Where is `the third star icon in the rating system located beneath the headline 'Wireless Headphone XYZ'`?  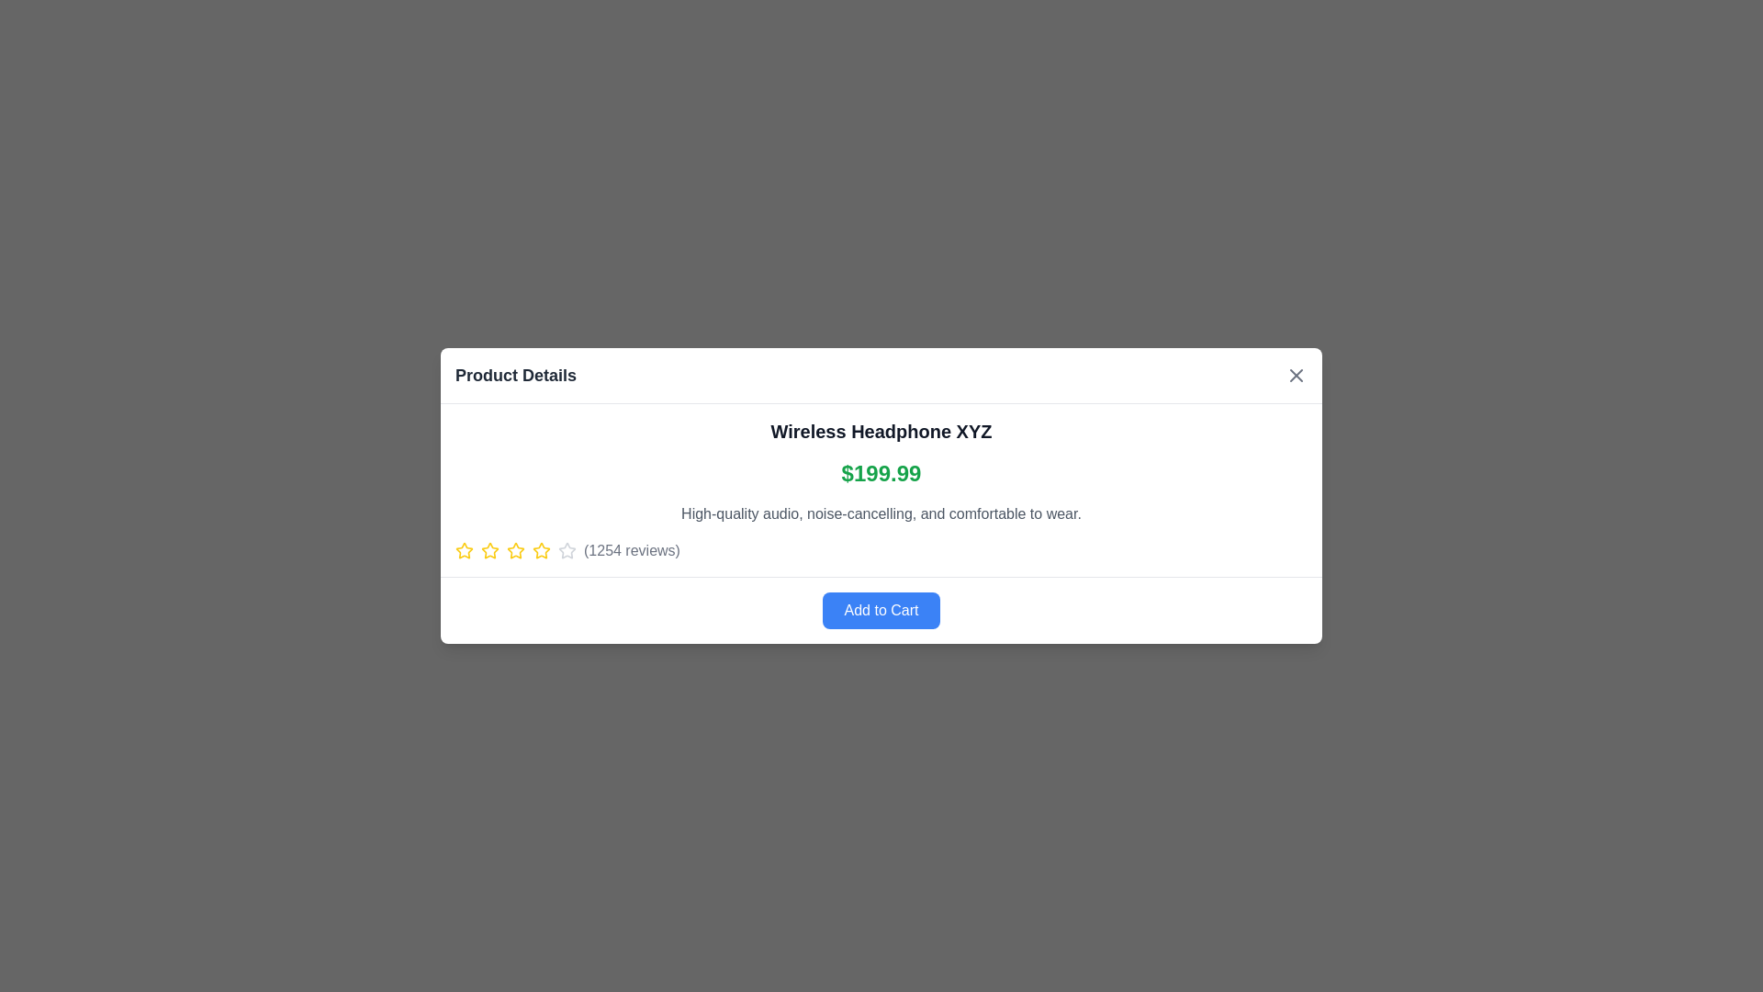 the third star icon in the rating system located beneath the headline 'Wireless Headphone XYZ' is located at coordinates (541, 549).